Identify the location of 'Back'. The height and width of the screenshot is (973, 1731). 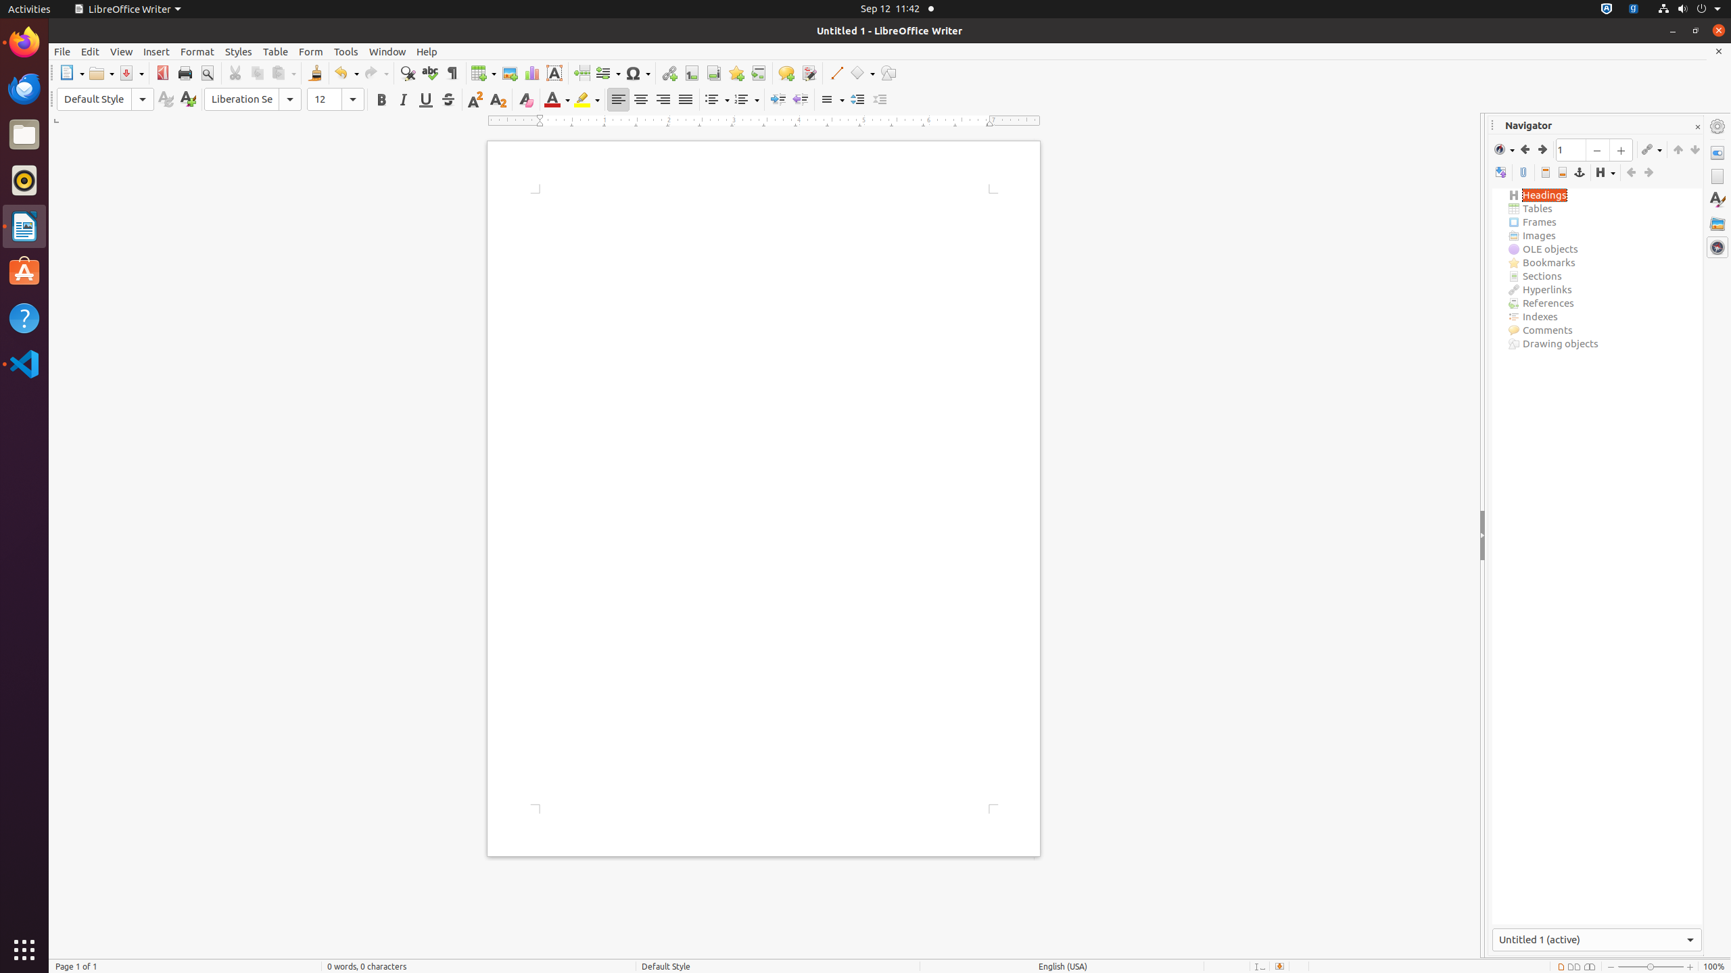
(1524, 149).